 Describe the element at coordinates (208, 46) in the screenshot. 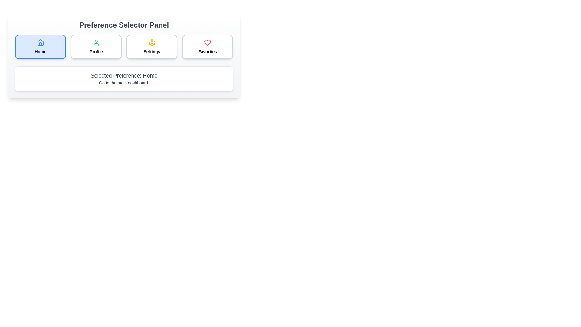

I see `the fourth button in the grid layout, which has a white background, a red heart icon, and the word 'Favorites' in bold black text` at that location.